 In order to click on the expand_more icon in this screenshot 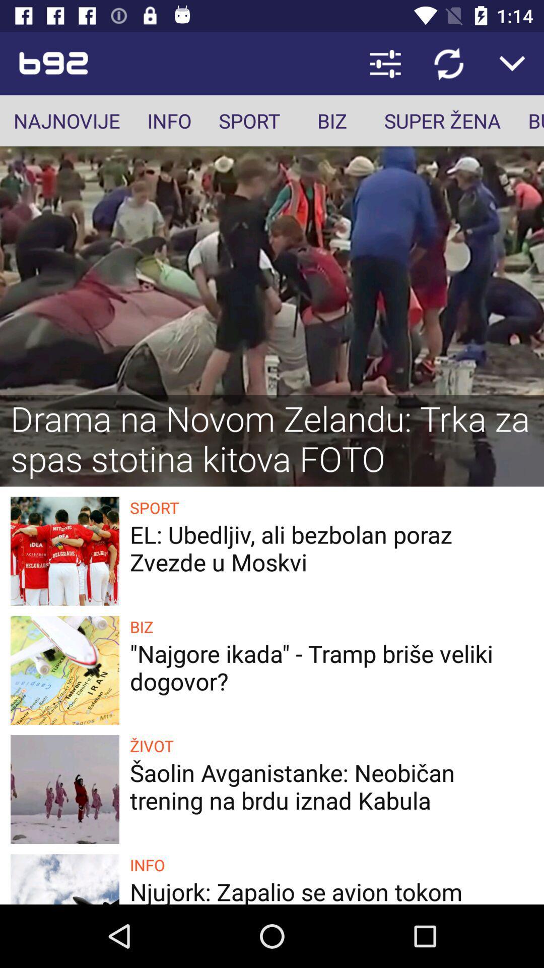, I will do `click(512, 63)`.